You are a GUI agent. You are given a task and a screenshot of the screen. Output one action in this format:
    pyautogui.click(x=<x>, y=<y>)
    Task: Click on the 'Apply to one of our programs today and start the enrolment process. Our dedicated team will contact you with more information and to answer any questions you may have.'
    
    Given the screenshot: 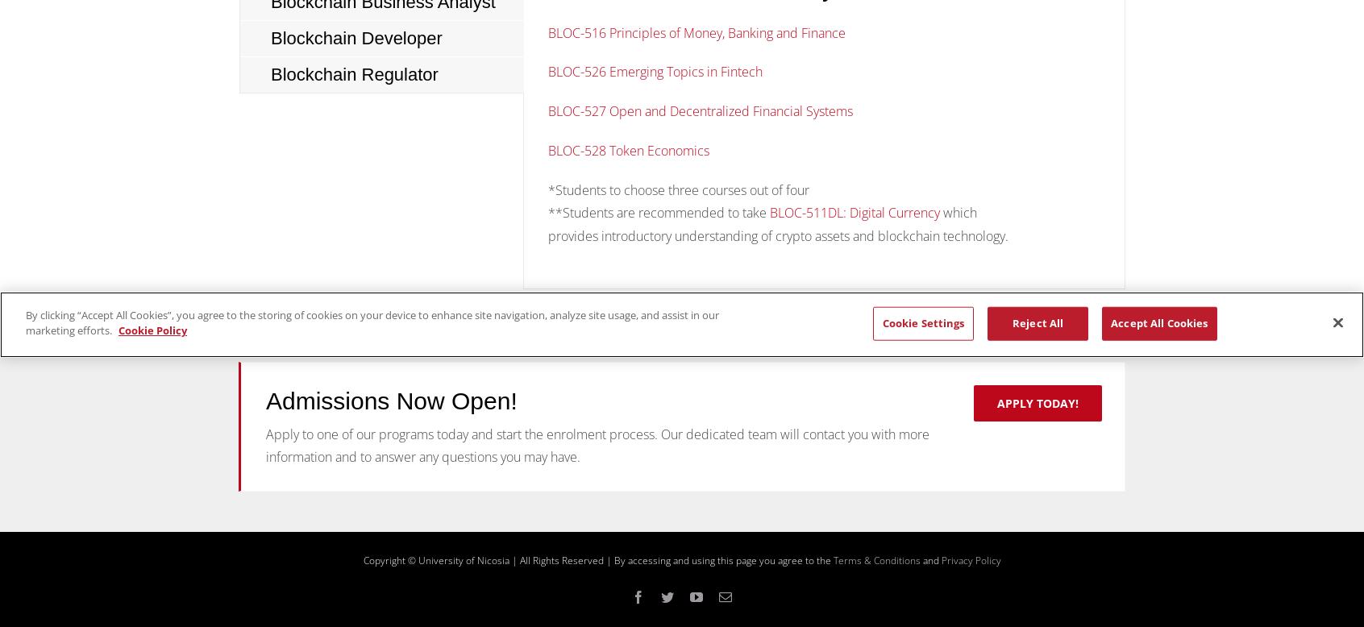 What is the action you would take?
    pyautogui.click(x=264, y=445)
    